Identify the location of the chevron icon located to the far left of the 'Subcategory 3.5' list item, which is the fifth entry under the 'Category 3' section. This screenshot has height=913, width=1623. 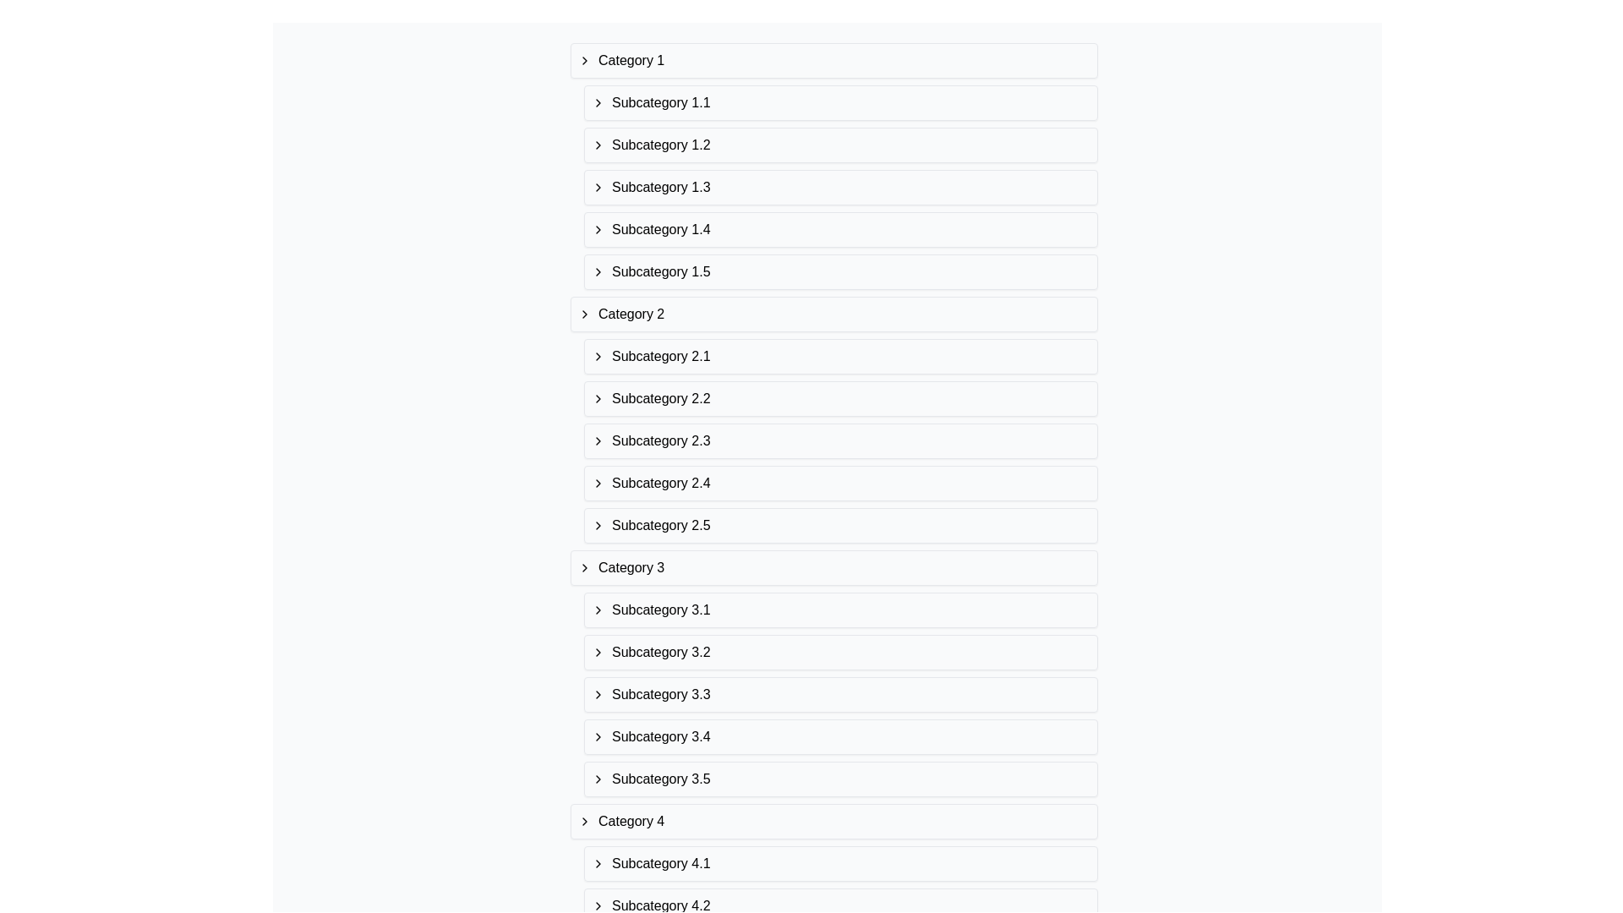
(598, 779).